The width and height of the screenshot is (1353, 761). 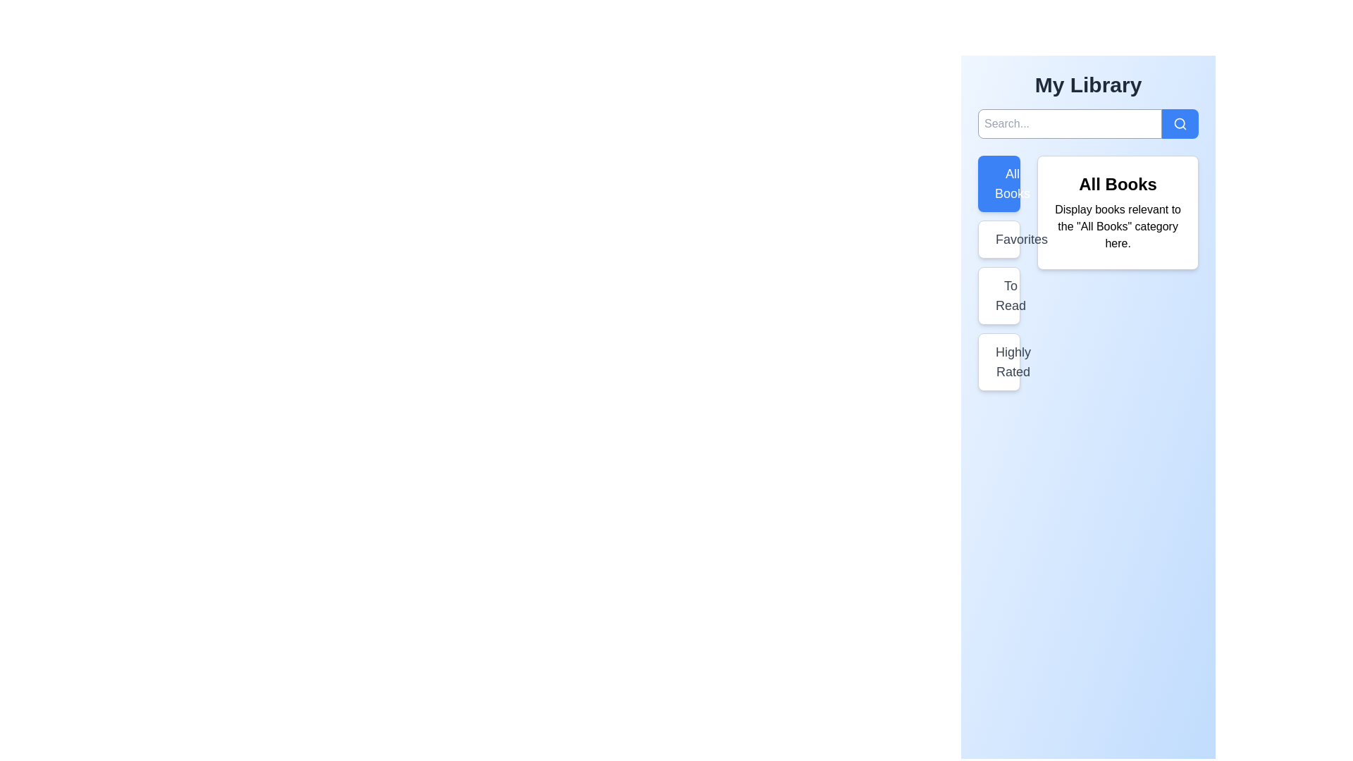 What do you see at coordinates (1117, 184) in the screenshot?
I see `the Text label (heading) that indicates the card contents are related to 'All Books', located in the top right region of the interface` at bounding box center [1117, 184].